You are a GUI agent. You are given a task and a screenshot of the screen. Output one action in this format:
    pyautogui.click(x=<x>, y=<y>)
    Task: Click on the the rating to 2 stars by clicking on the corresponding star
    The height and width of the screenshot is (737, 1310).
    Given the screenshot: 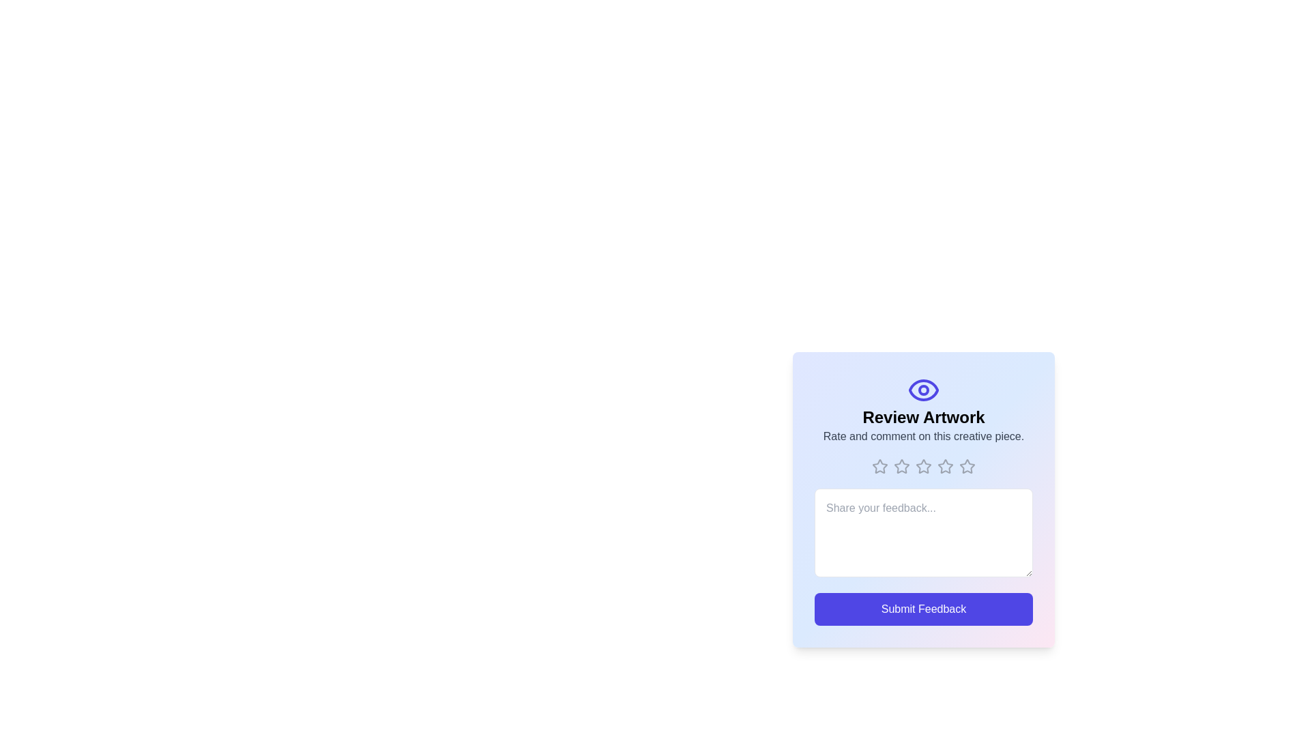 What is the action you would take?
    pyautogui.click(x=901, y=465)
    